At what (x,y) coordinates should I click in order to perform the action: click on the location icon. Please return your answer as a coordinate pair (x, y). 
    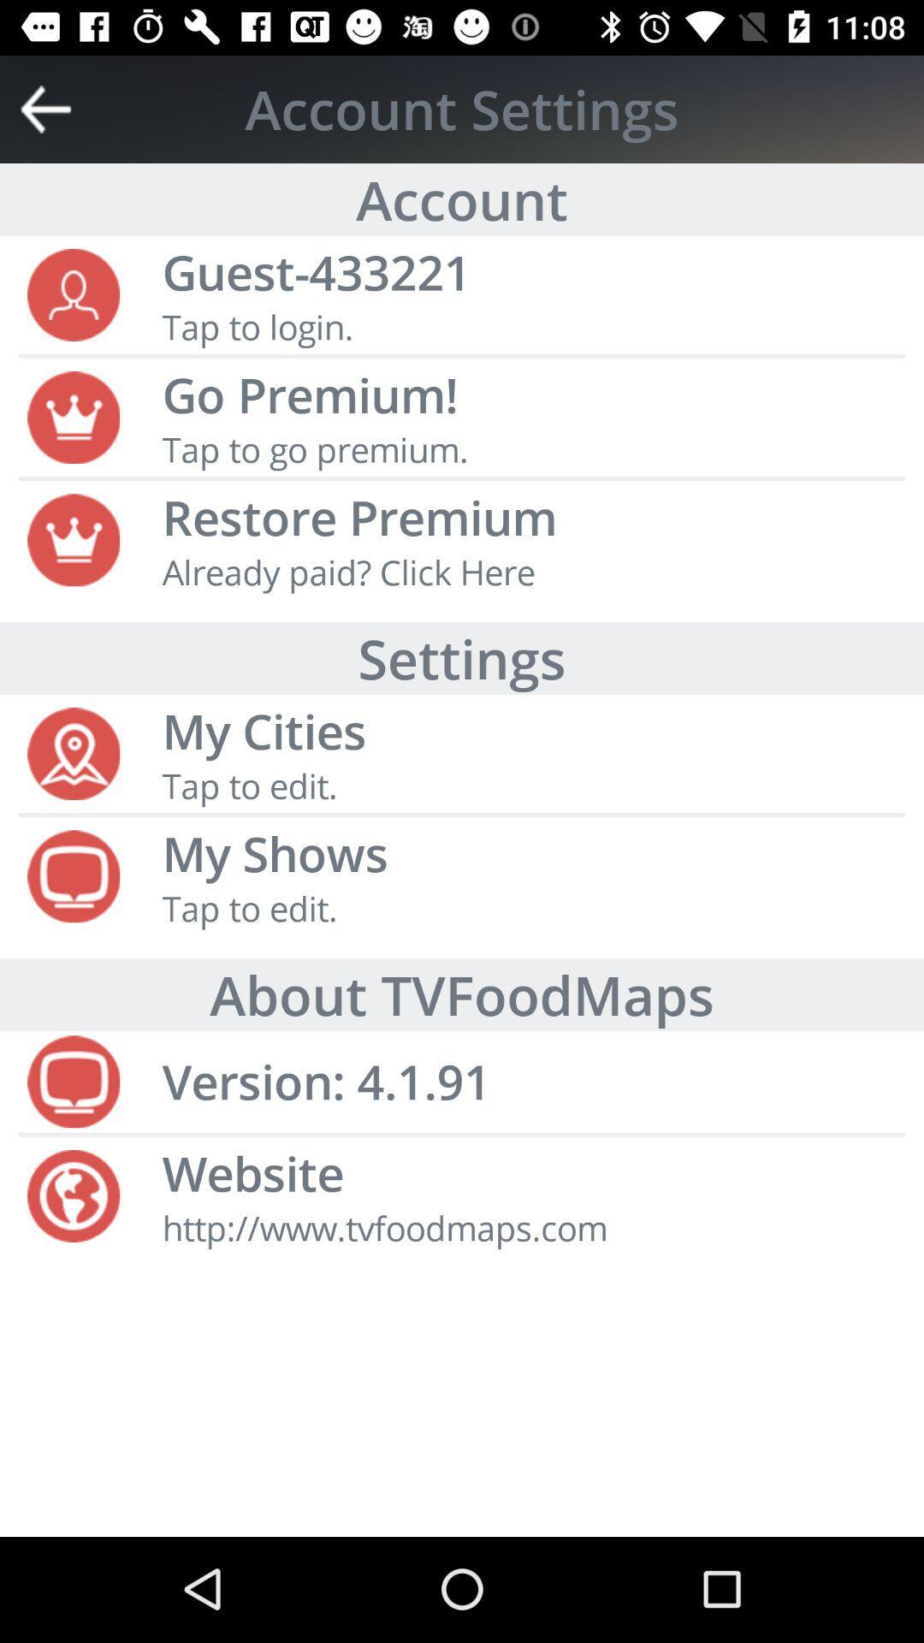
    Looking at the image, I should click on (73, 751).